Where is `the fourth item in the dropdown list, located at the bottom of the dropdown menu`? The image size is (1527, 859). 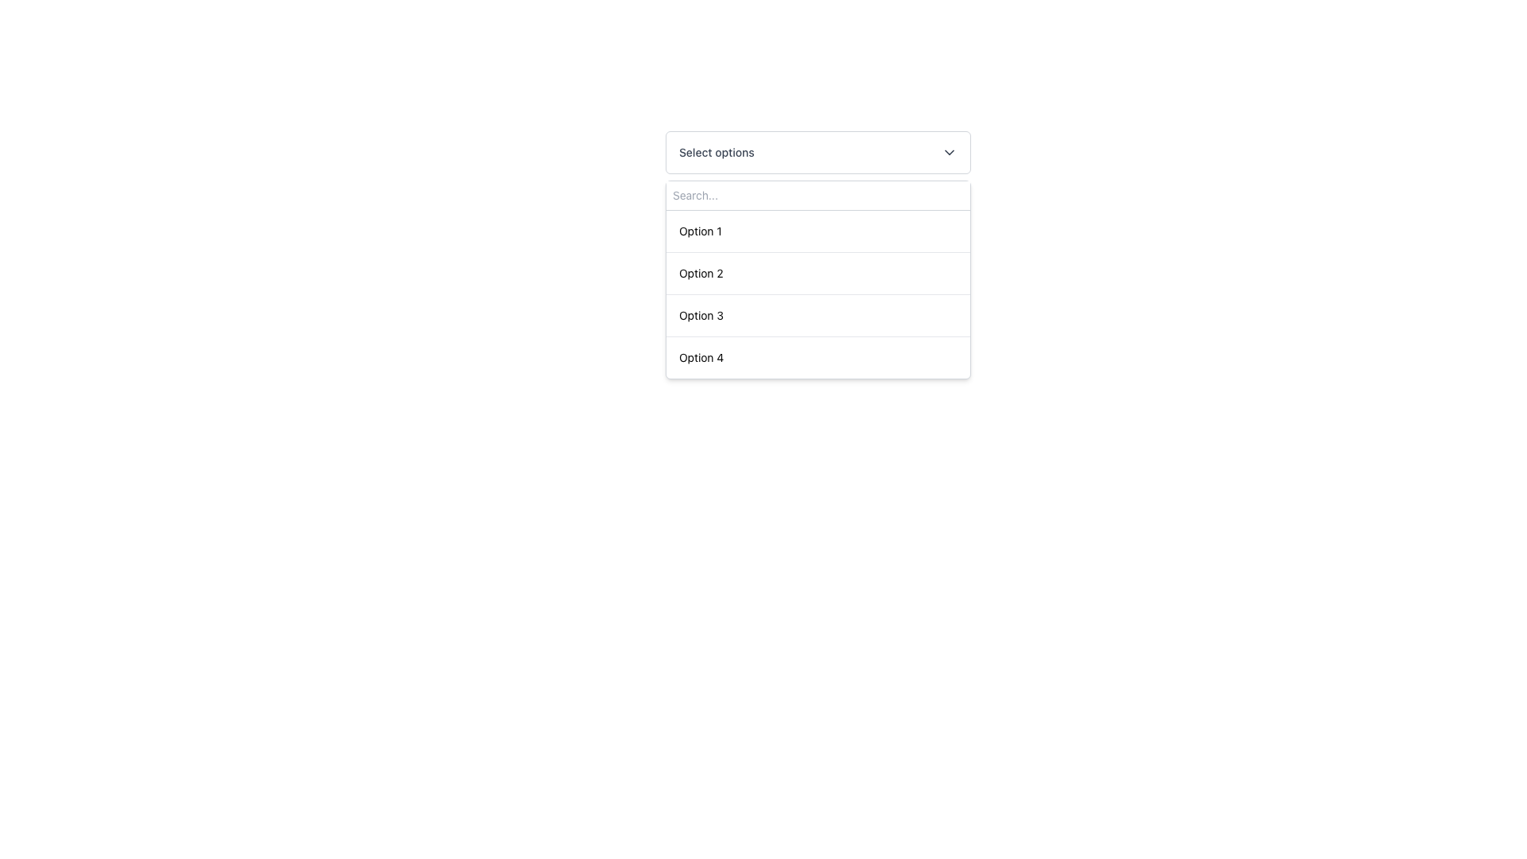 the fourth item in the dropdown list, located at the bottom of the dropdown menu is located at coordinates (818, 356).